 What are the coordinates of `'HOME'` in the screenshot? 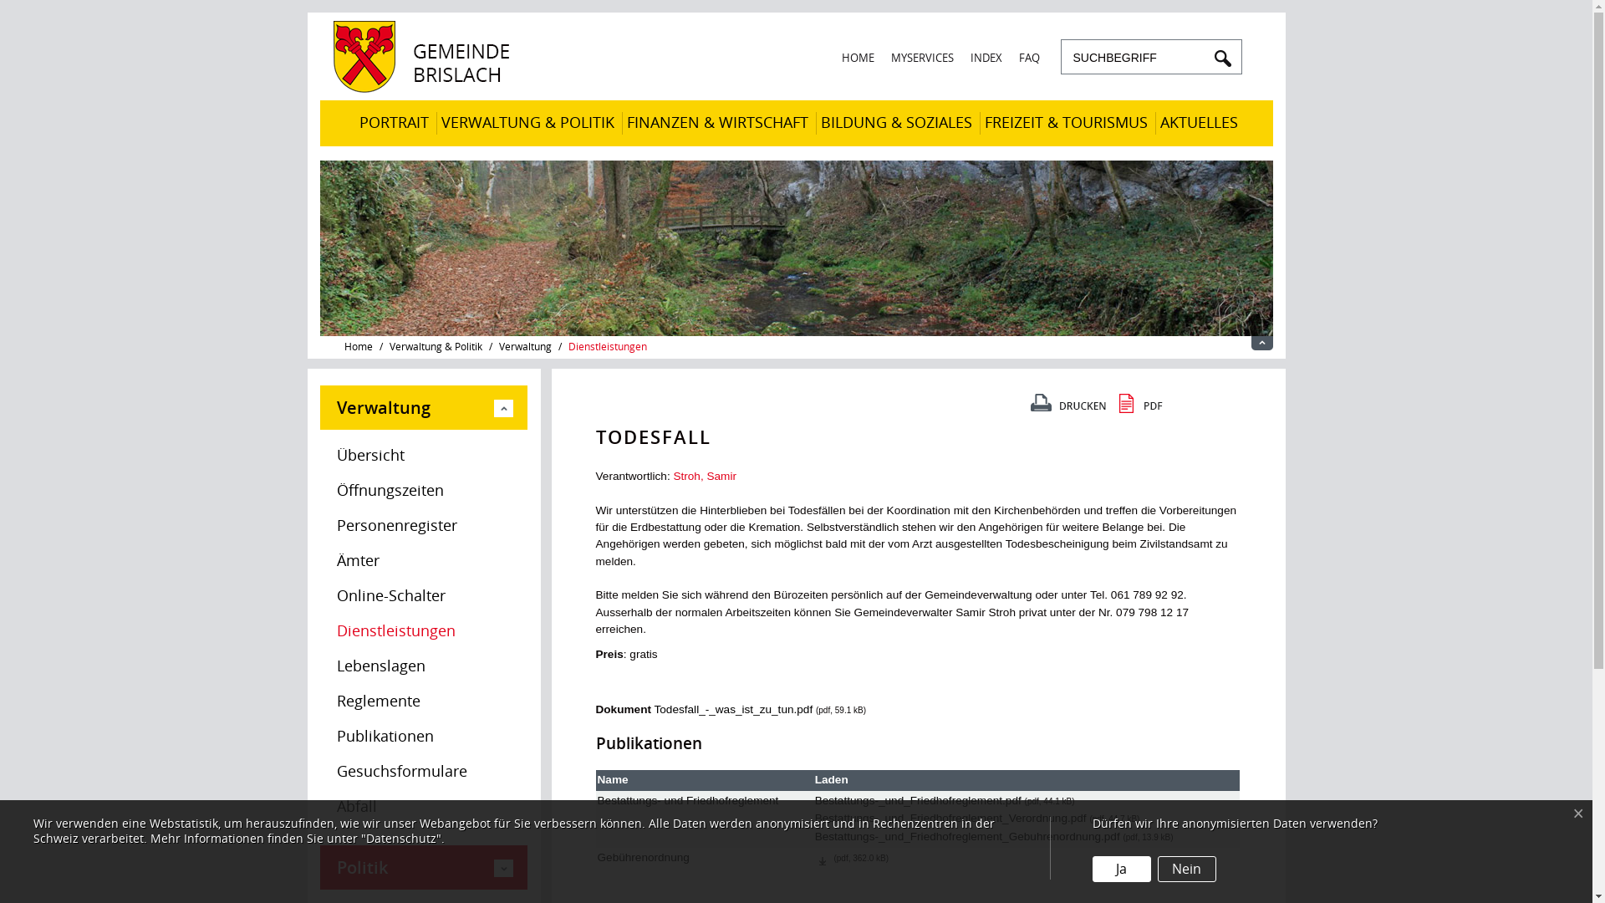 It's located at (857, 57).